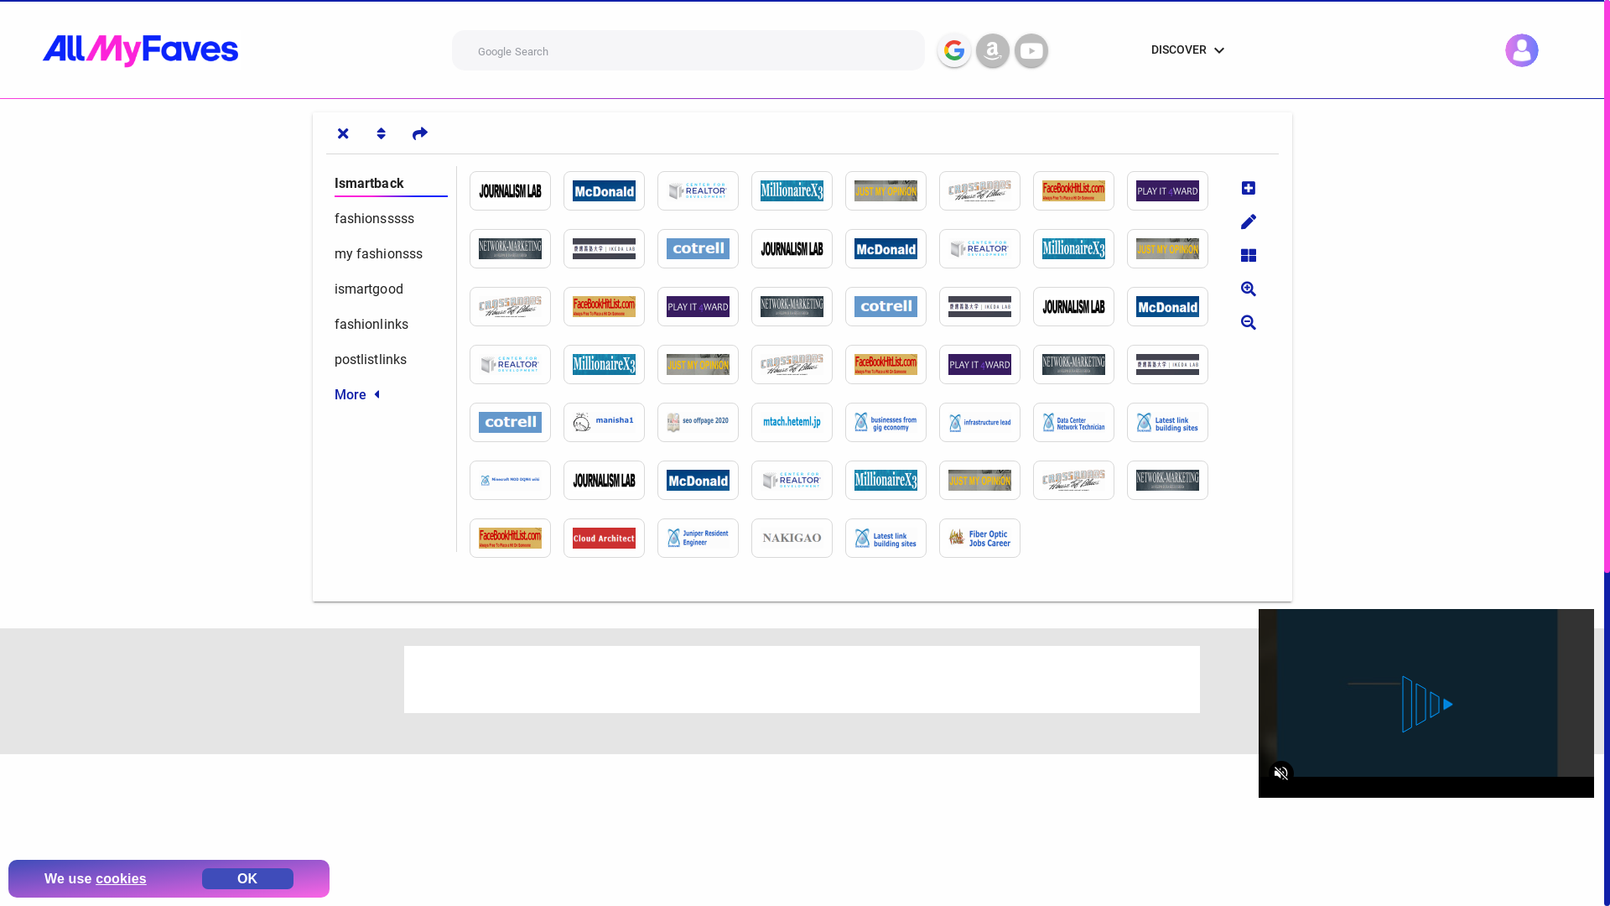  Describe the element at coordinates (1248, 255) in the screenshot. I see `'Change sites layout'` at that location.